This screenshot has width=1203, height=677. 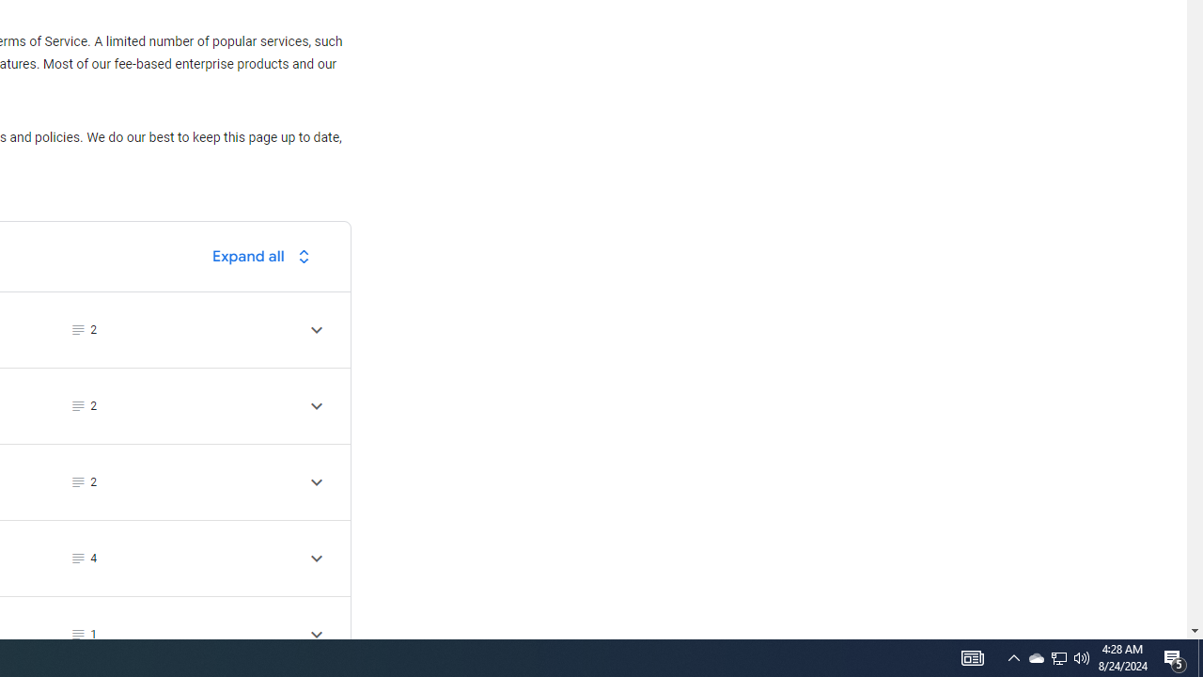 What do you see at coordinates (265, 256) in the screenshot?
I see `'Expand all'` at bounding box center [265, 256].